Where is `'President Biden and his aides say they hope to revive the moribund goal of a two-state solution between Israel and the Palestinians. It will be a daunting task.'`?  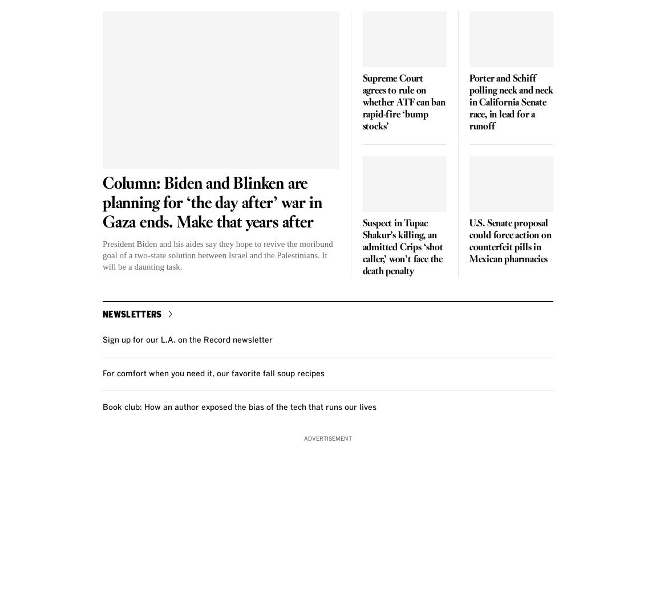
'President Biden and his aides say they hope to revive the moribund goal of a two-state solution between Israel and the Palestinians. It will be a daunting task.' is located at coordinates (102, 255).